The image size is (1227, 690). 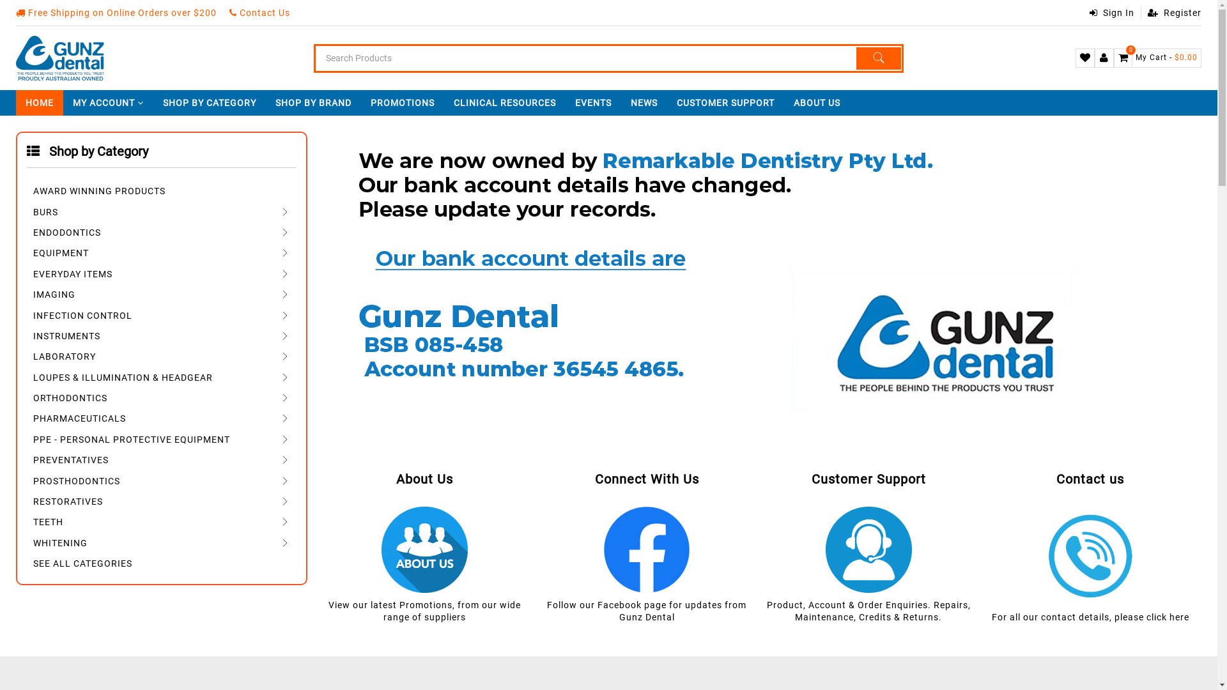 I want to click on 'AWARD WINNING PRODUCTS', so click(x=161, y=191).